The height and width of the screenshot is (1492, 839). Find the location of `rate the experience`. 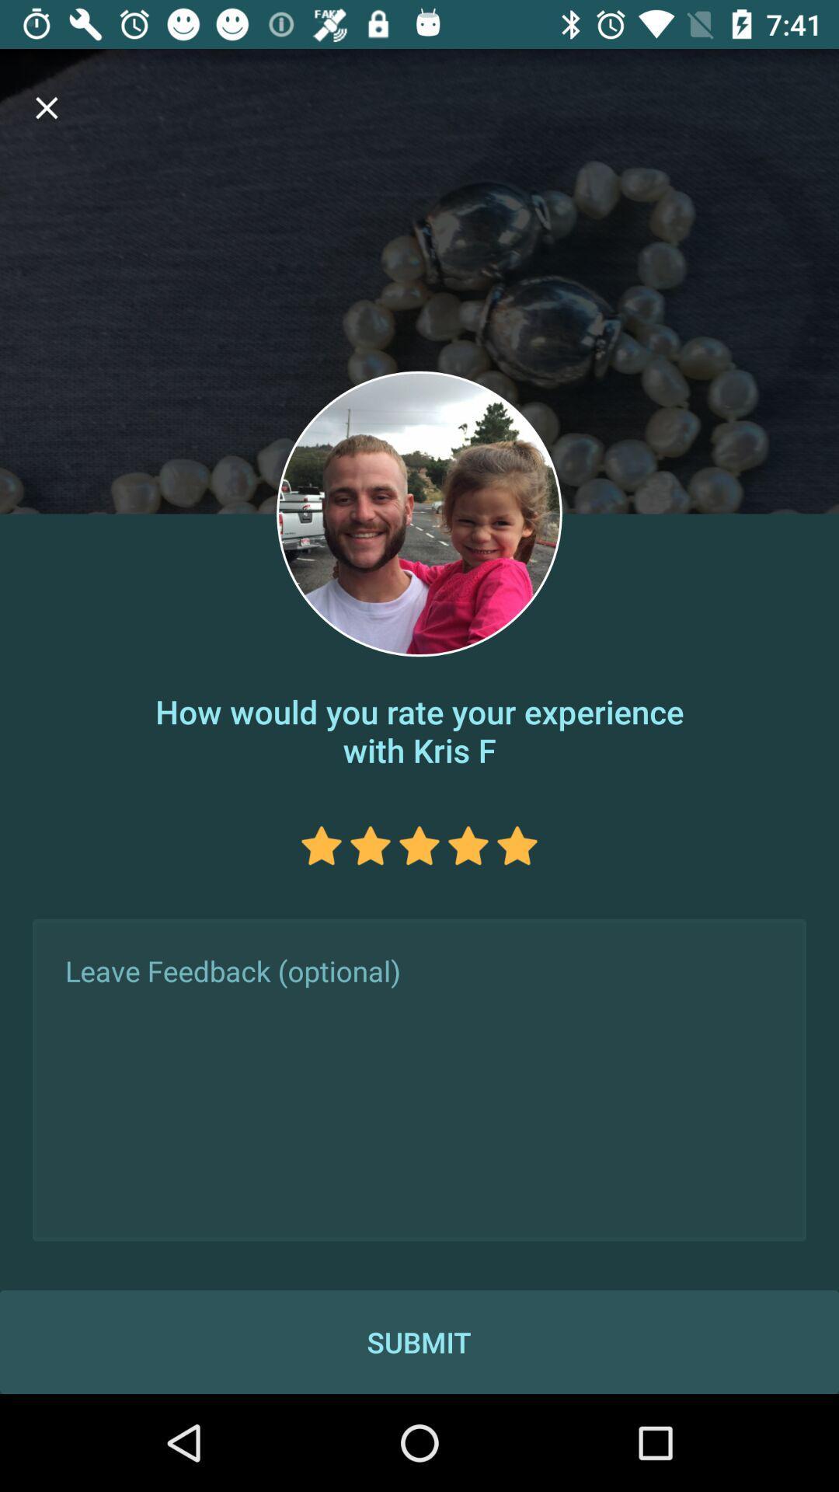

rate the experience is located at coordinates (467, 845).